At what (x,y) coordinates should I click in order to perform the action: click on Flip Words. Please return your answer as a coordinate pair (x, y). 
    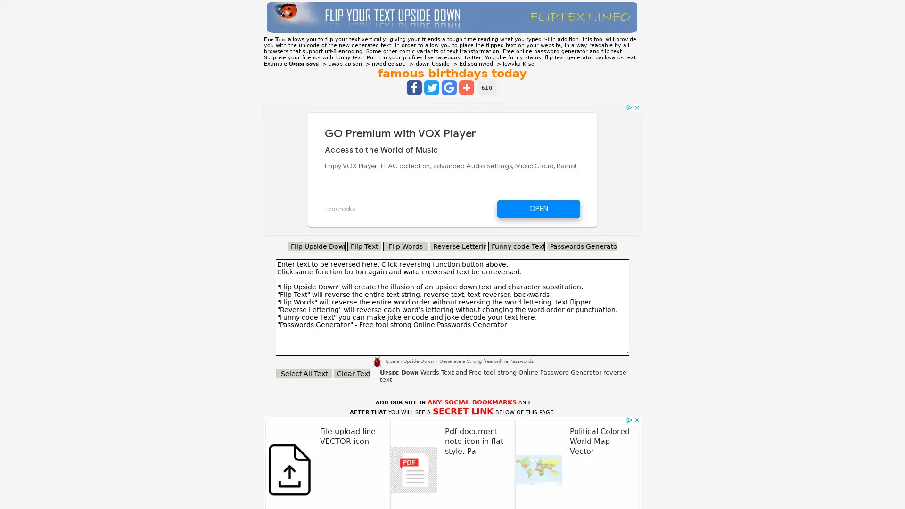
    Looking at the image, I should click on (405, 246).